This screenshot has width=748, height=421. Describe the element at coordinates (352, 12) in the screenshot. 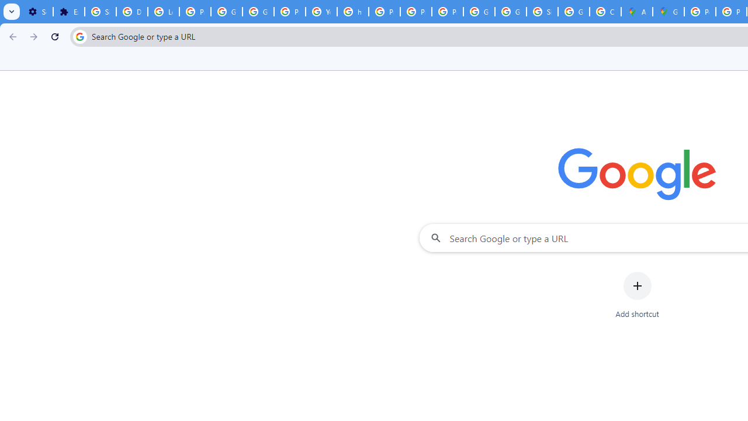

I see `'https://scholar.google.com/'` at that location.